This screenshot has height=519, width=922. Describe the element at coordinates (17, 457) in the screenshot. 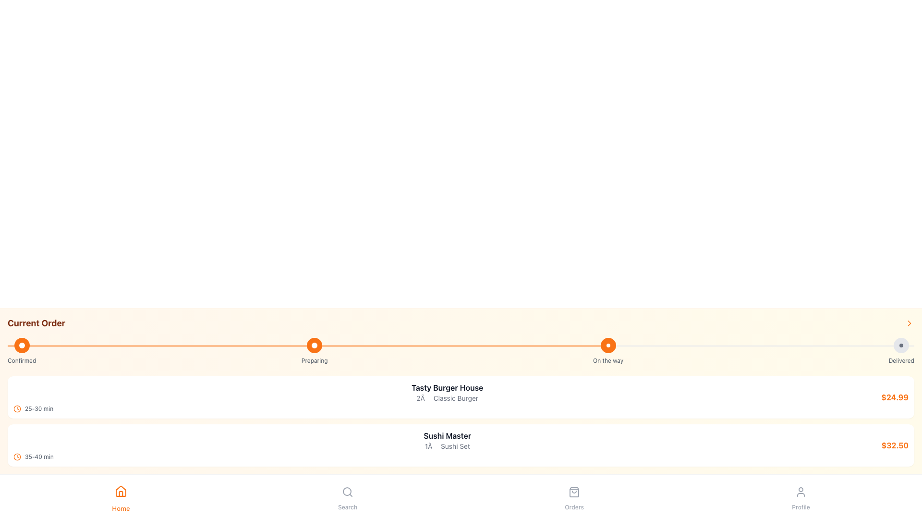

I see `the clock icon positioned to the left of the timing information '35-40 min' for informational purposes` at that location.